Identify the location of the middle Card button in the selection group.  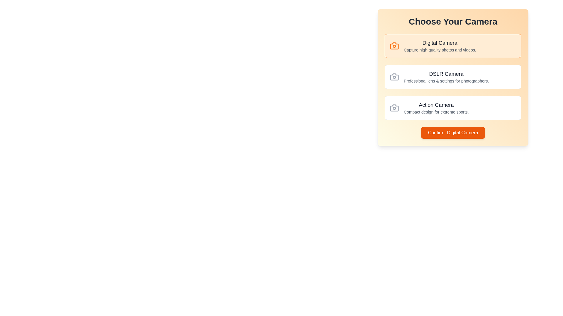
(453, 76).